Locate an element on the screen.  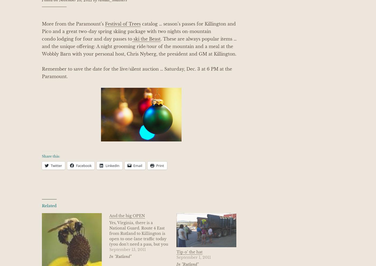
'Print' is located at coordinates (160, 165).